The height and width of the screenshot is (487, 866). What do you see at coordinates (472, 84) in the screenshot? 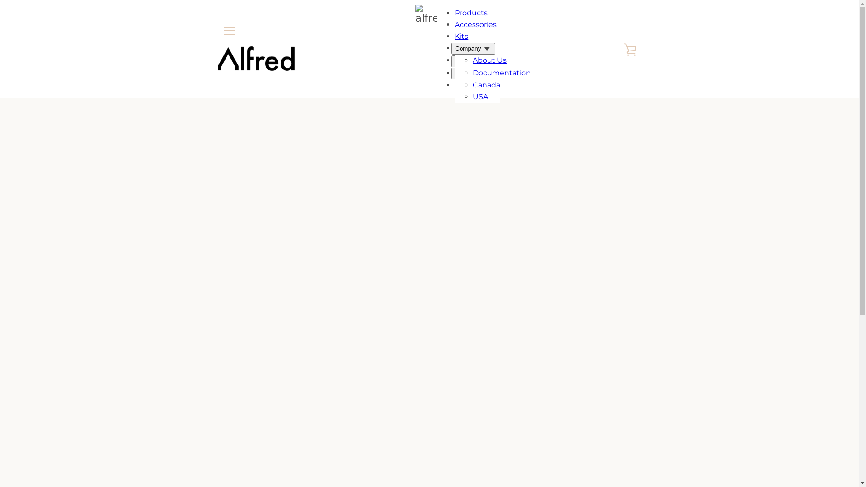
I see `'FAQ'` at bounding box center [472, 84].